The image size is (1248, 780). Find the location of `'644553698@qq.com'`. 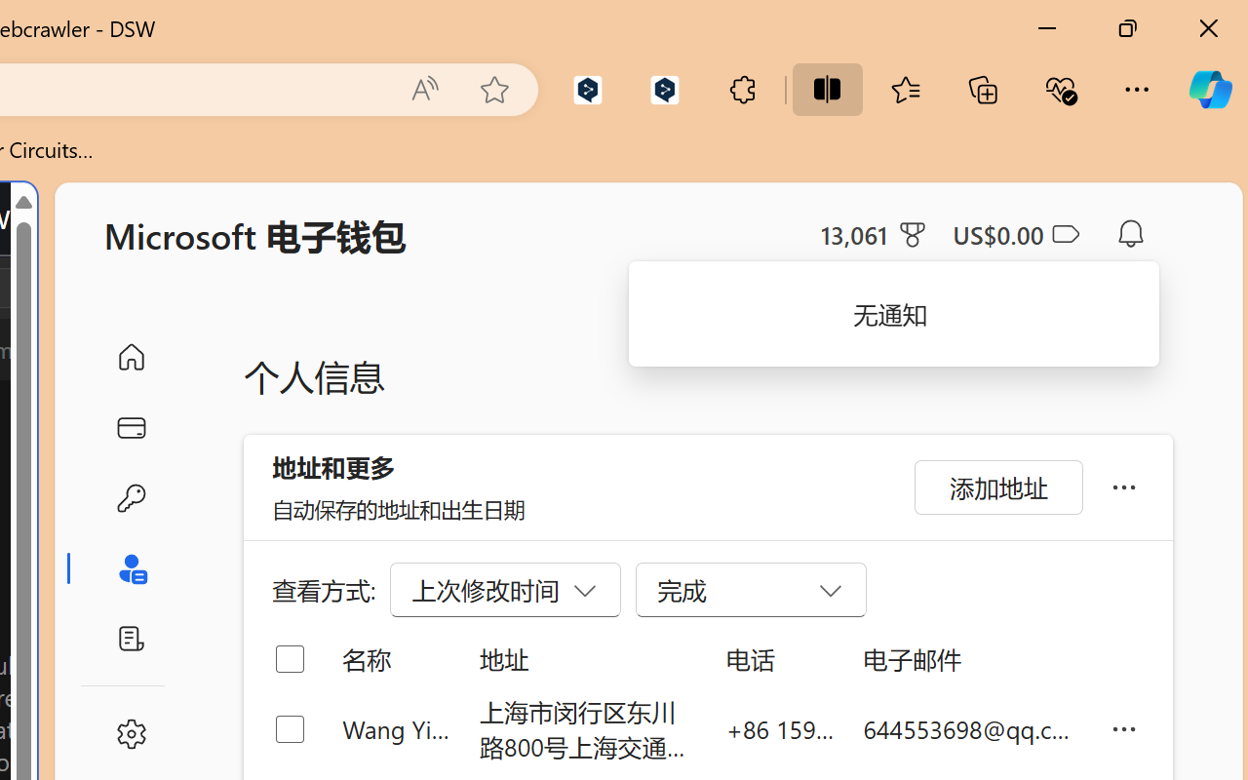

'644553698@qq.com' is located at coordinates (971, 728).